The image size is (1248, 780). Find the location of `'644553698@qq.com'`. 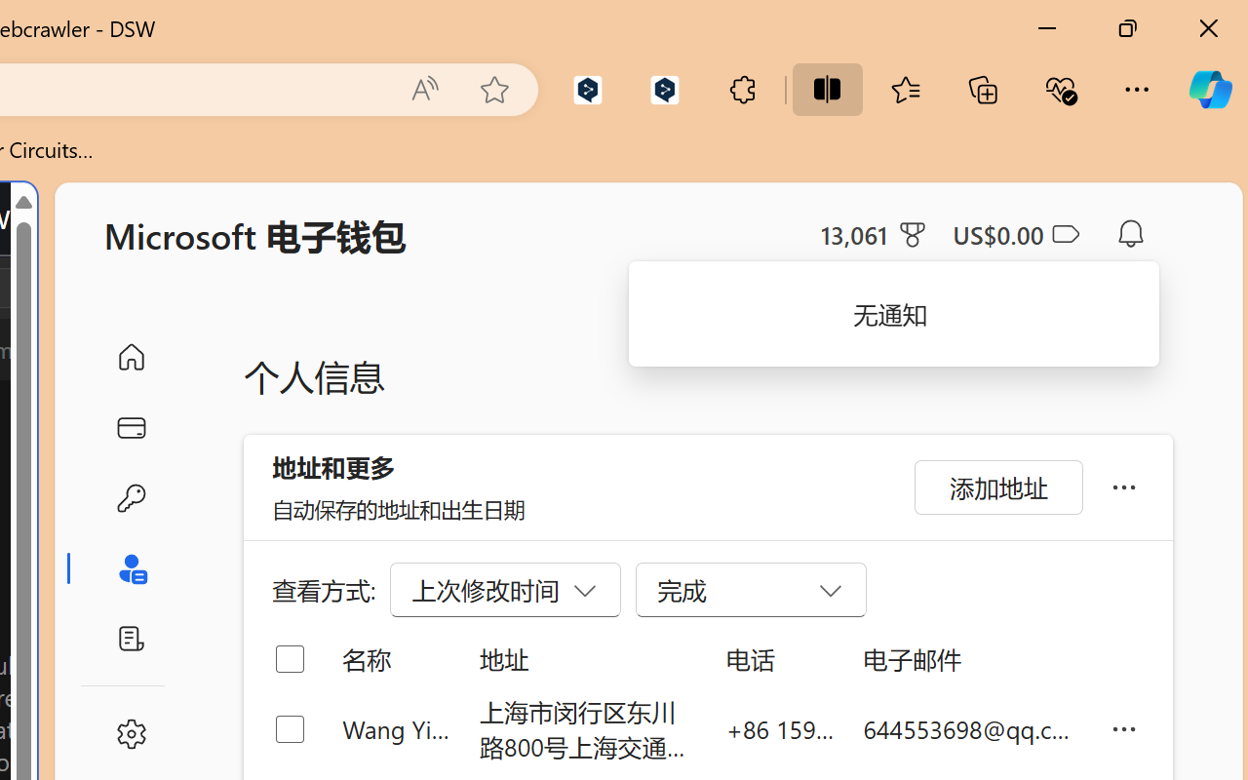

'644553698@qq.com' is located at coordinates (971, 728).